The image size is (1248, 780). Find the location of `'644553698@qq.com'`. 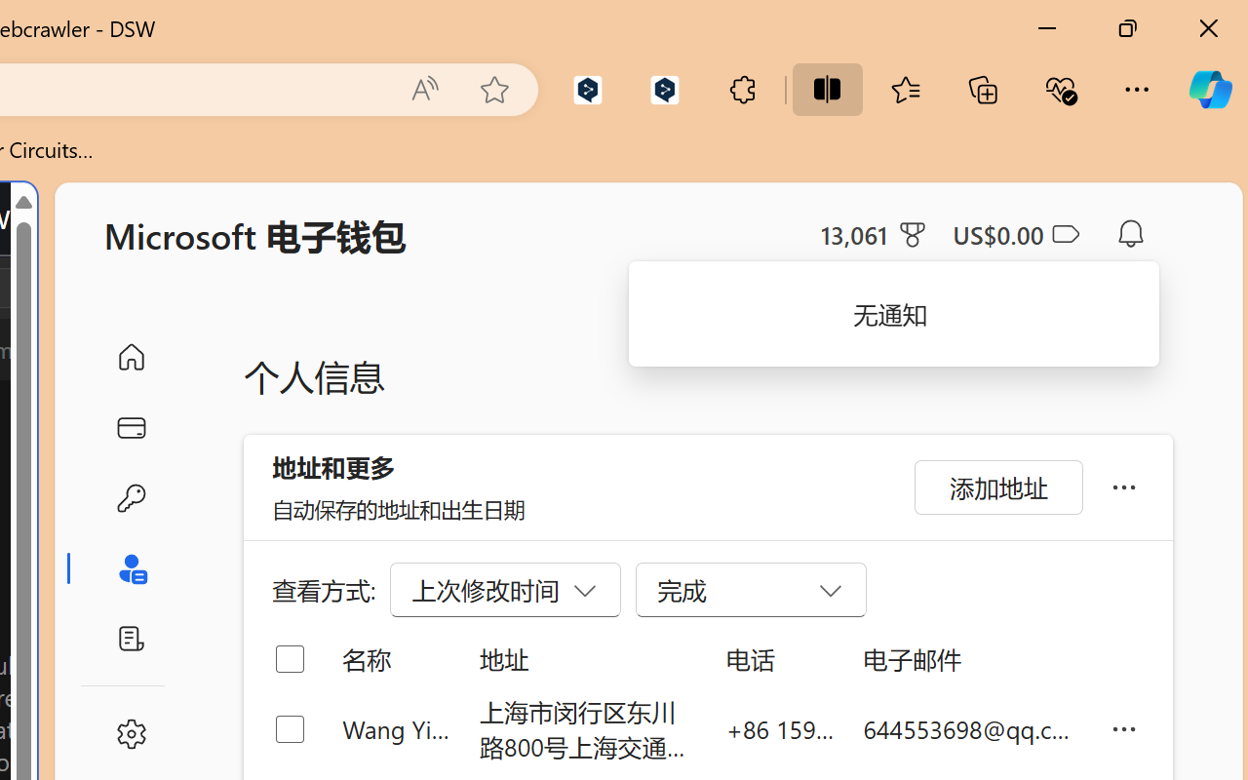

'644553698@qq.com' is located at coordinates (971, 728).